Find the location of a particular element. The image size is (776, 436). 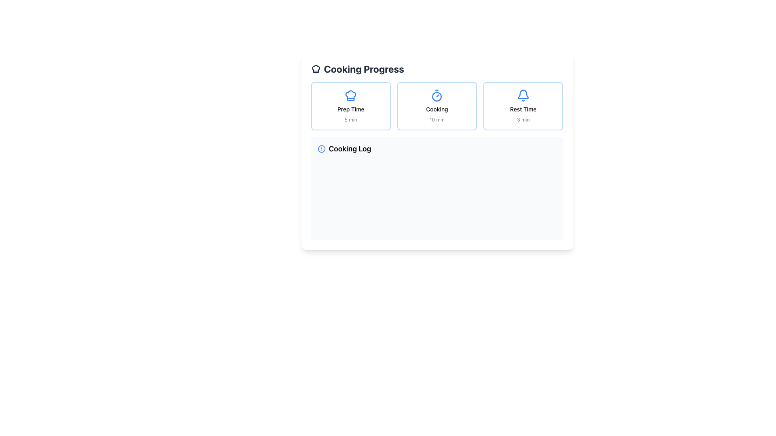

the 'Cooking Progress' icon located at the top left of the 'Cooking Progress' header section, which serves as a decorative representation of the cooking theme is located at coordinates (315, 68).